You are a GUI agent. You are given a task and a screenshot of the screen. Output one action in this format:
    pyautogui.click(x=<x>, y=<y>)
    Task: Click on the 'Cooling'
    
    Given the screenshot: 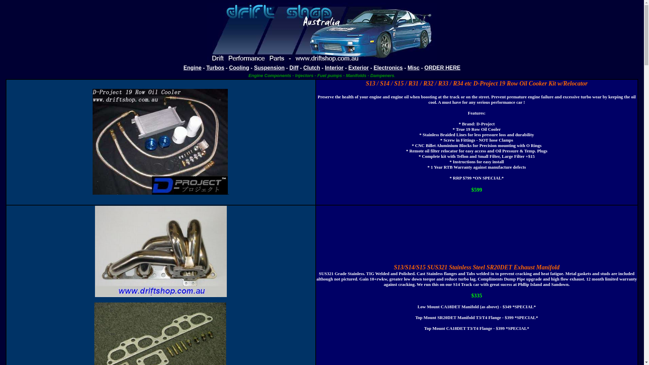 What is the action you would take?
    pyautogui.click(x=229, y=68)
    